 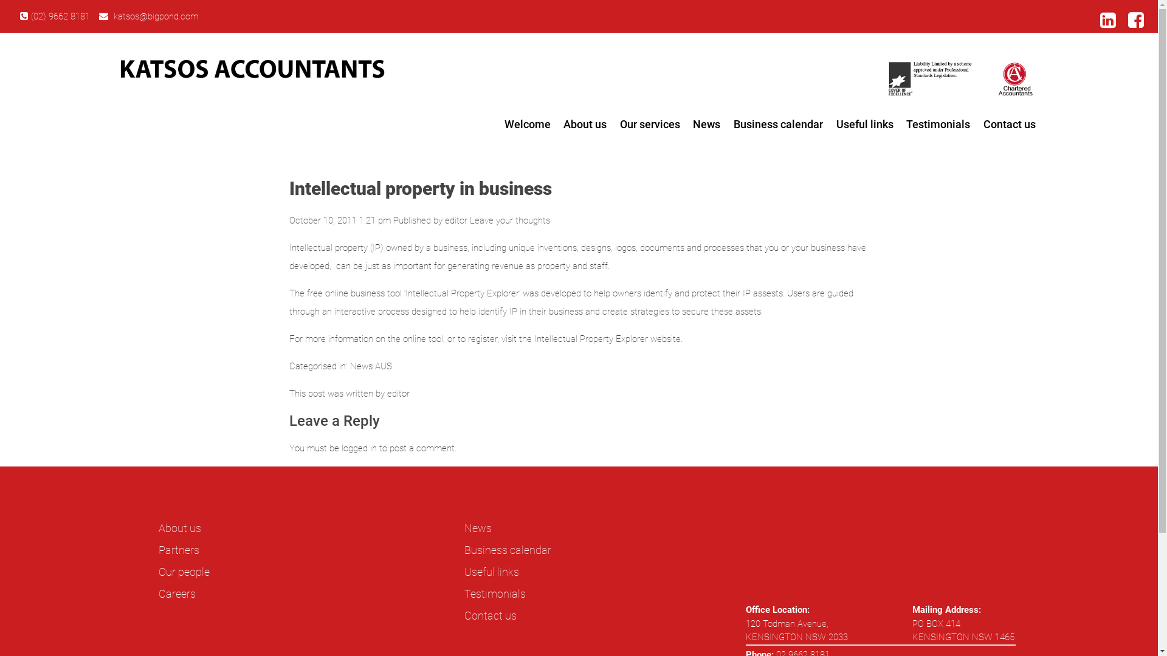 What do you see at coordinates (492, 572) in the screenshot?
I see `'Useful links'` at bounding box center [492, 572].